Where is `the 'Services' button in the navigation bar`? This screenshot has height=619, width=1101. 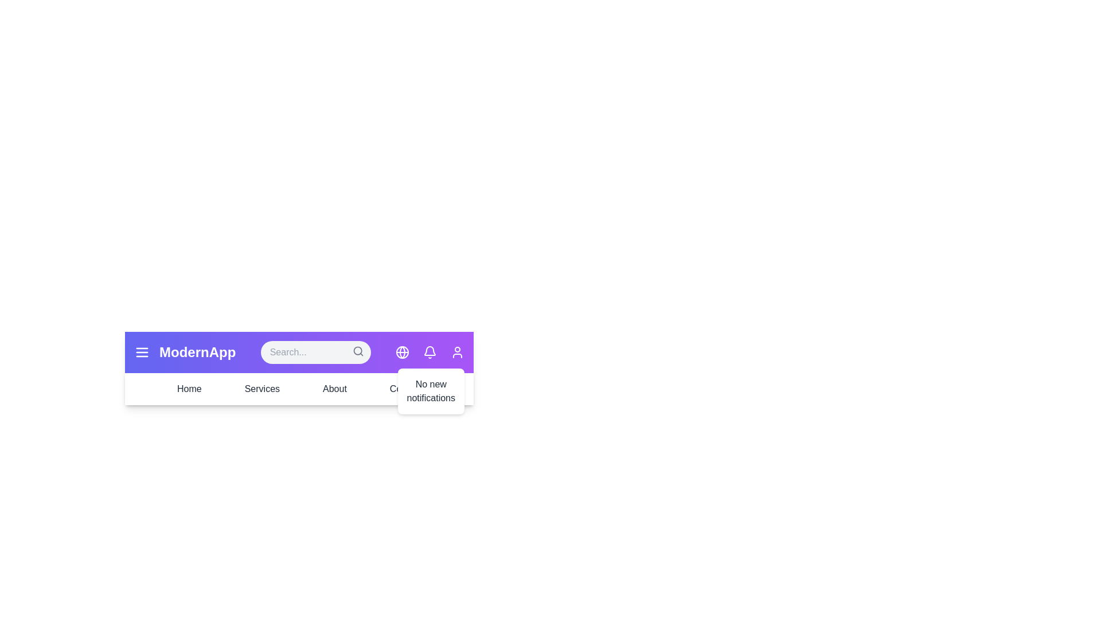
the 'Services' button in the navigation bar is located at coordinates (261, 388).